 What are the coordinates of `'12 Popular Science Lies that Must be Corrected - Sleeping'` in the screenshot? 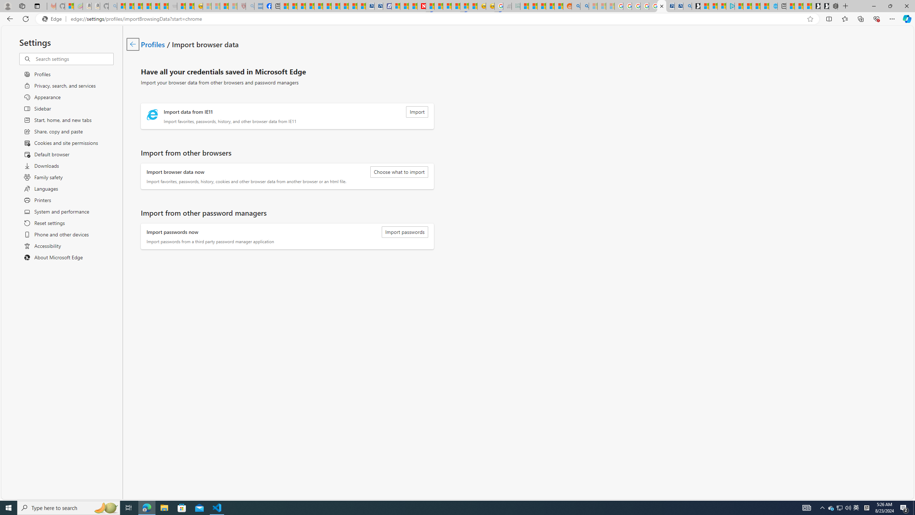 It's located at (232, 6).